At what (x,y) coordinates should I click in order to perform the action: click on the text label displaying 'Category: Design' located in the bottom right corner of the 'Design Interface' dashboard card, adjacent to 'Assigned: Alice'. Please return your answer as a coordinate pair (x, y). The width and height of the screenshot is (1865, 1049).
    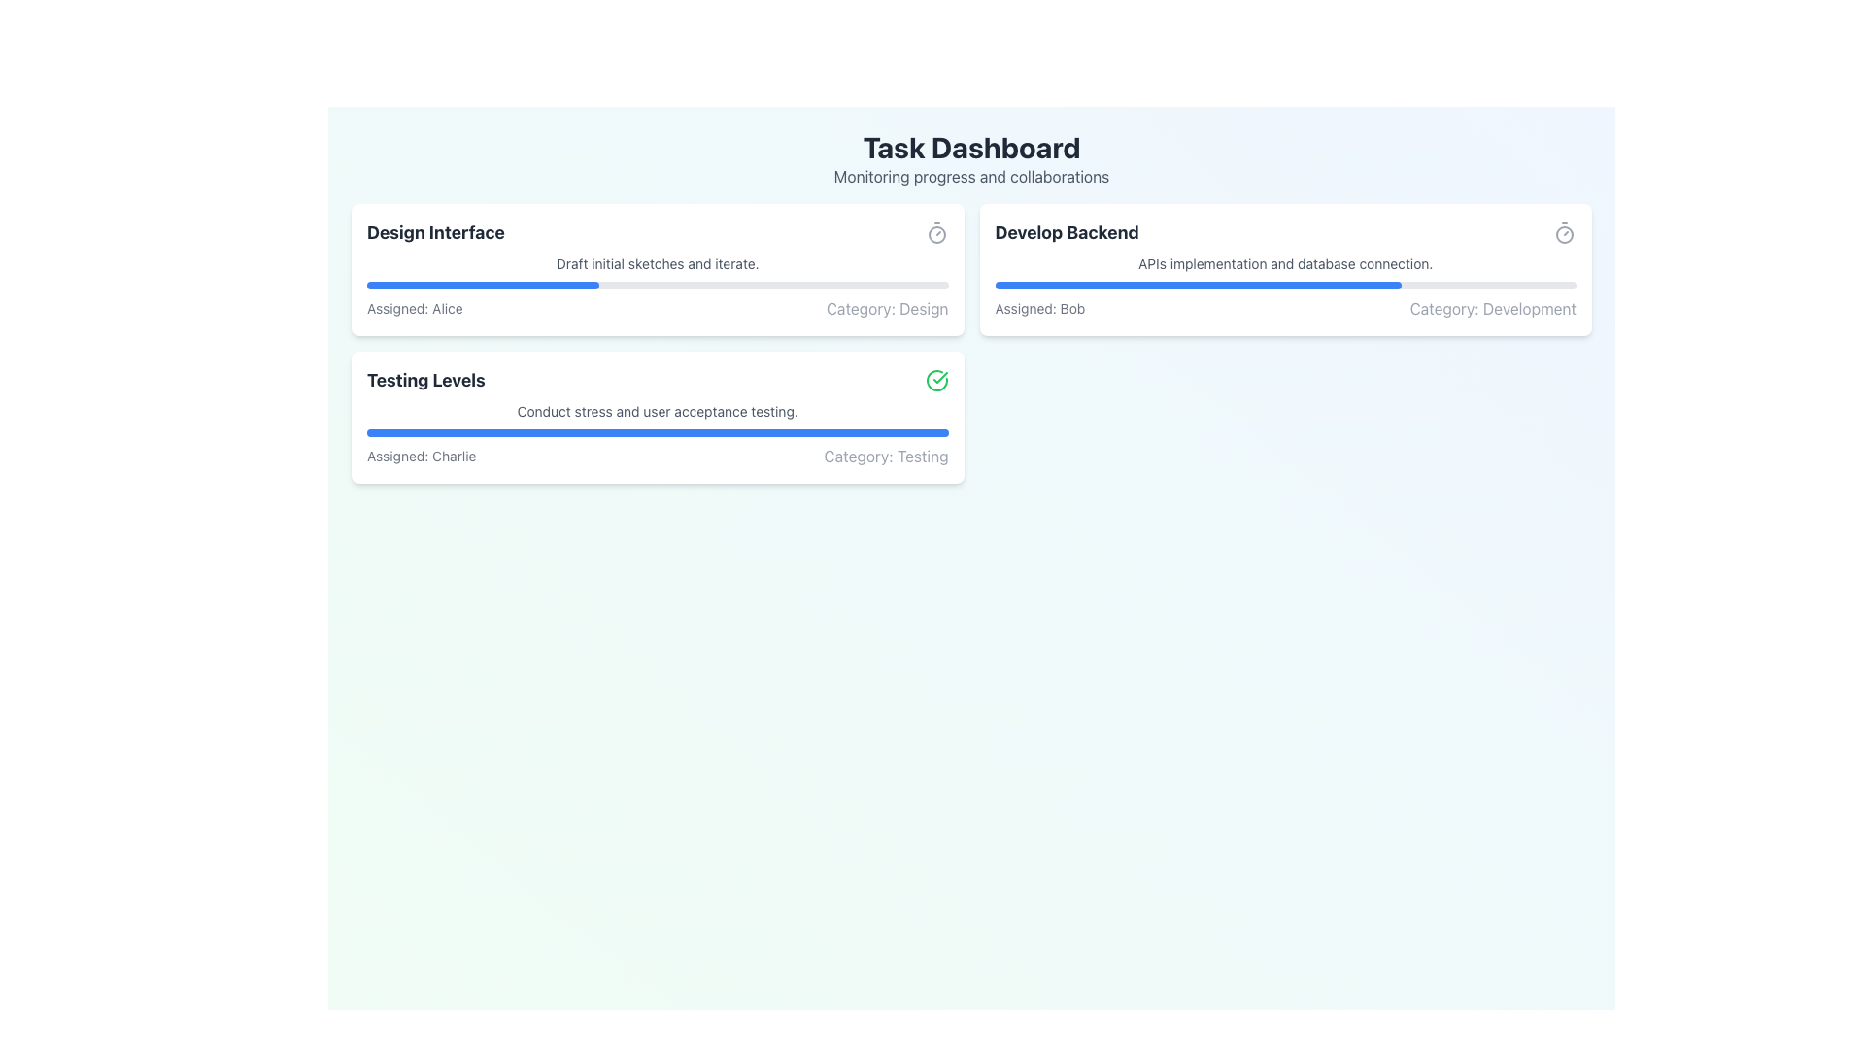
    Looking at the image, I should click on (886, 307).